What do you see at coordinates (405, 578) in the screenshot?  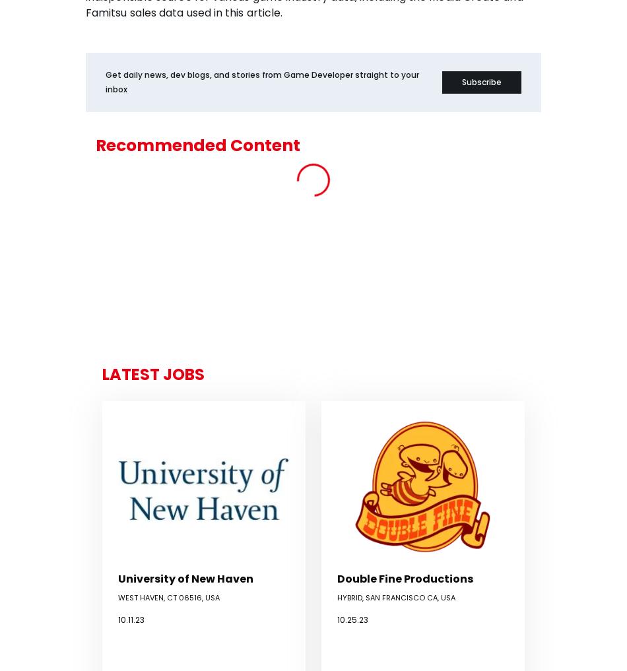 I see `'Double Fine Productions'` at bounding box center [405, 578].